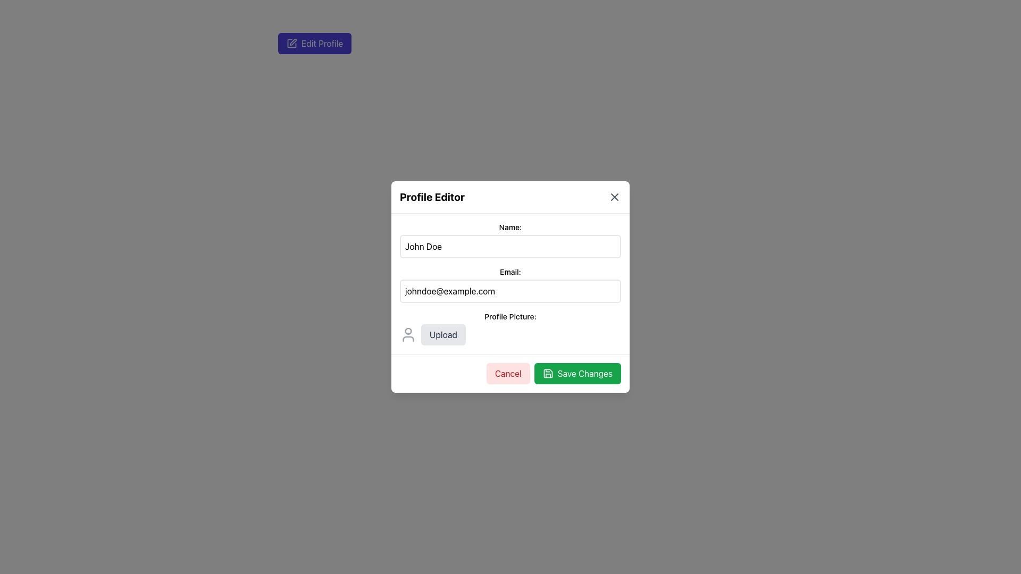 This screenshot has height=574, width=1021. I want to click on the 'Edit Profile' button that contains a small pencil icon with a light gray color on a darker background, located at the top-left area of the interface, so click(291, 43).